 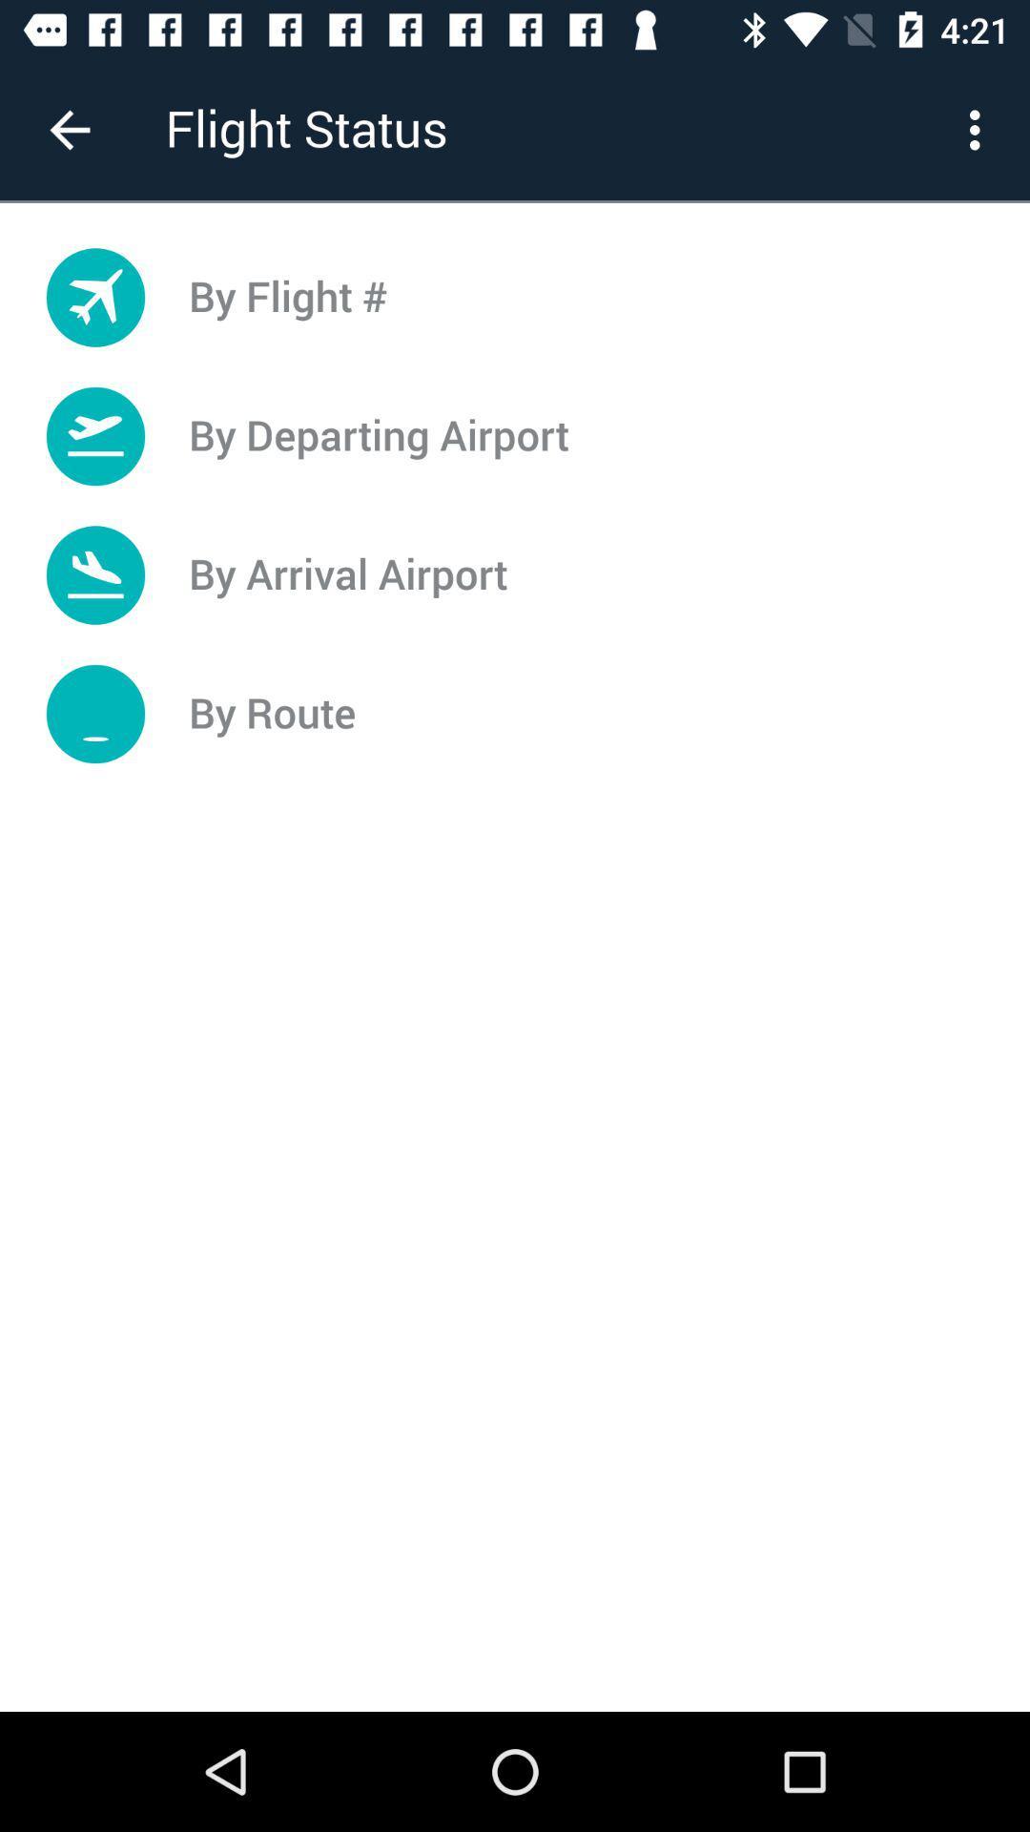 I want to click on item next to the flight status icon, so click(x=979, y=129).